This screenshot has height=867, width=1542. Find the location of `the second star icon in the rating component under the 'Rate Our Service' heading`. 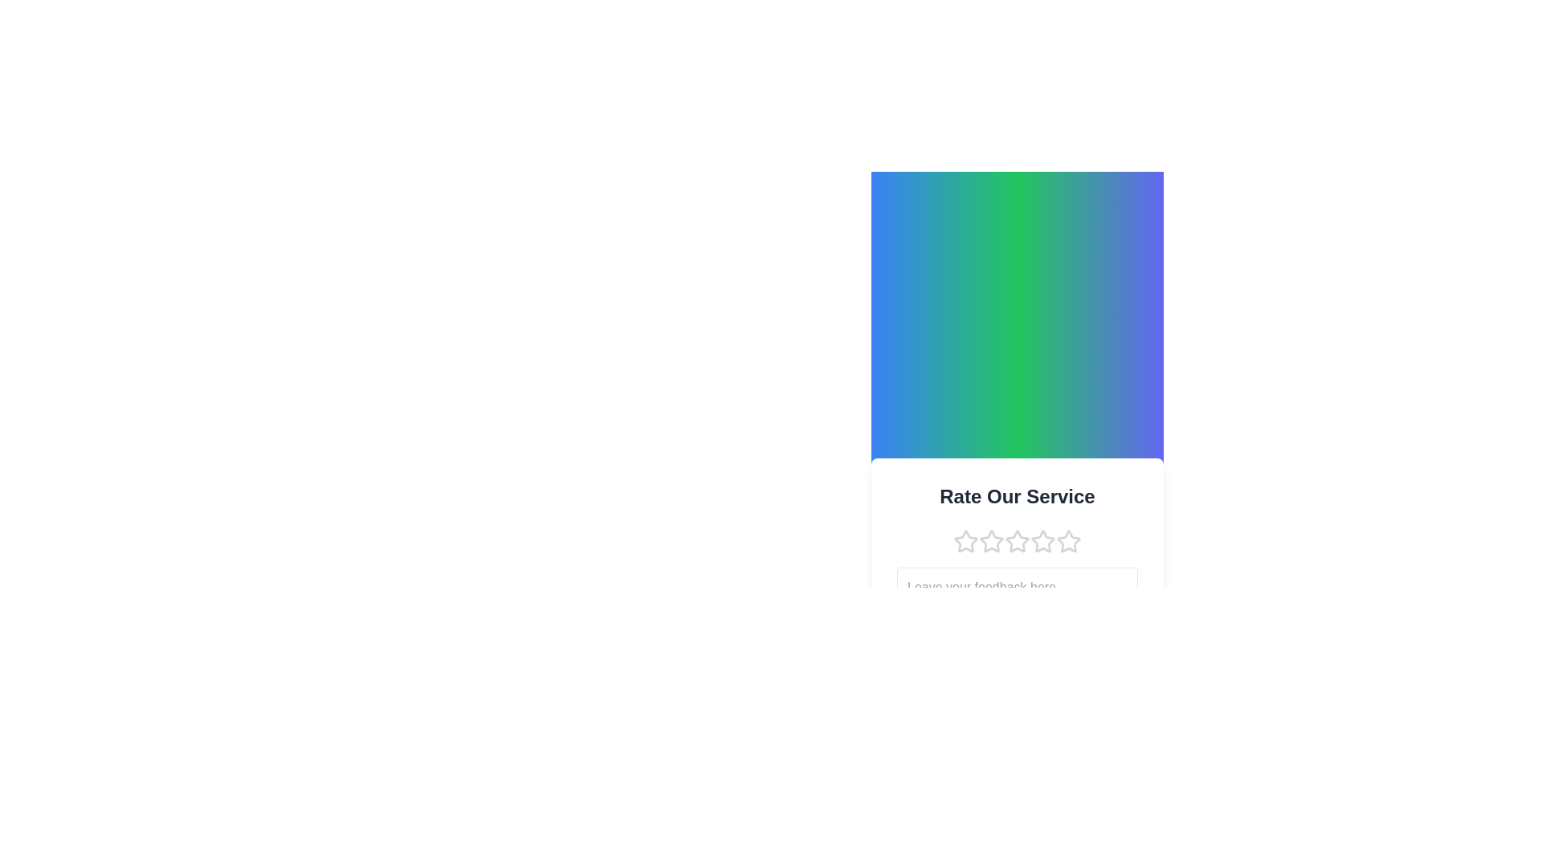

the second star icon in the rating component under the 'Rate Our Service' heading is located at coordinates (1017, 540).